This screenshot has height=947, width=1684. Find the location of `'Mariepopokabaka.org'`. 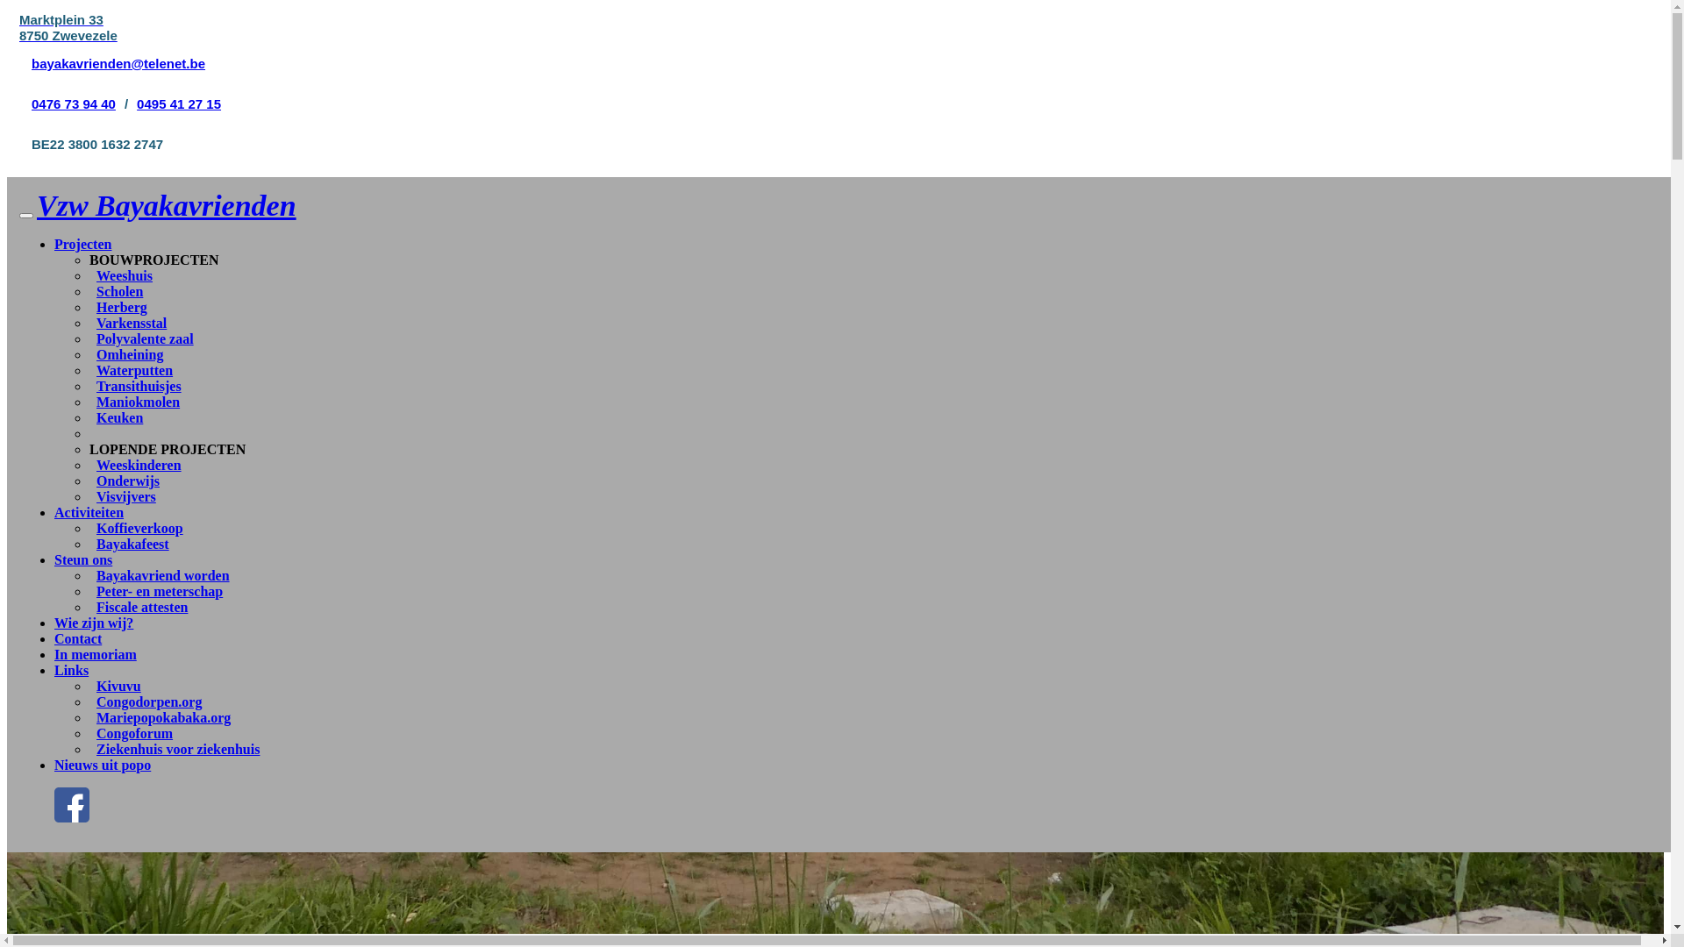

'Mariepopokabaka.org' is located at coordinates (88, 717).